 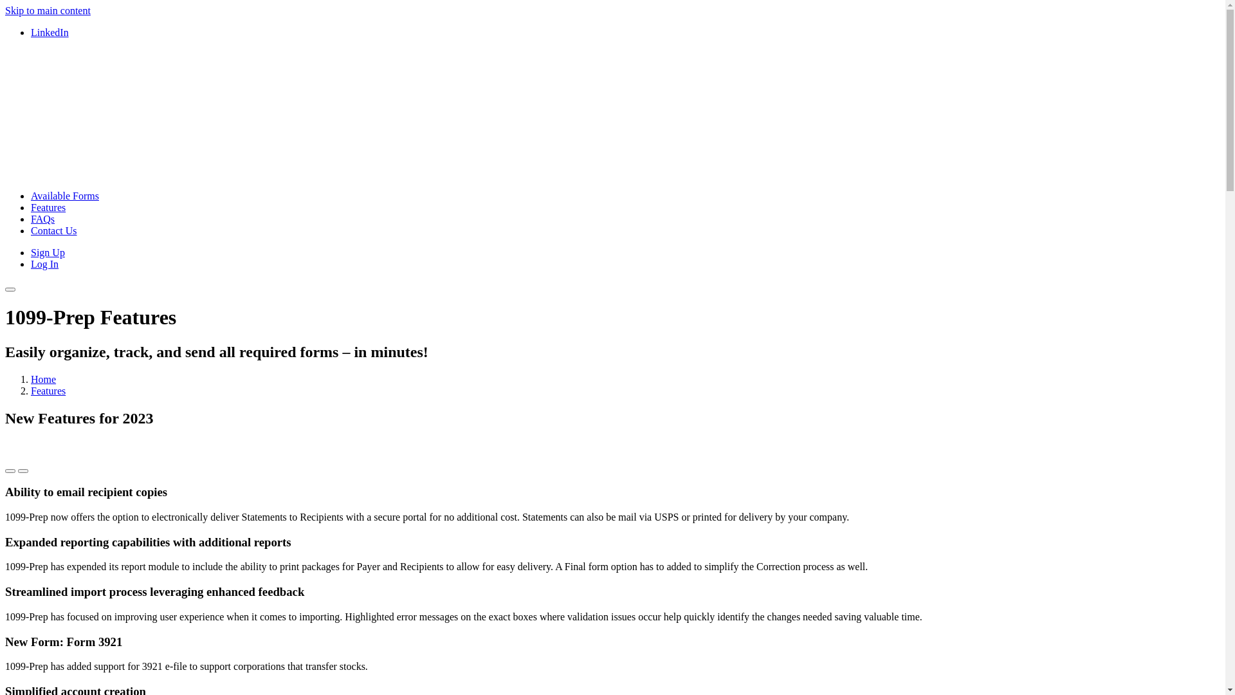 What do you see at coordinates (48, 207) in the screenshot?
I see `'Features'` at bounding box center [48, 207].